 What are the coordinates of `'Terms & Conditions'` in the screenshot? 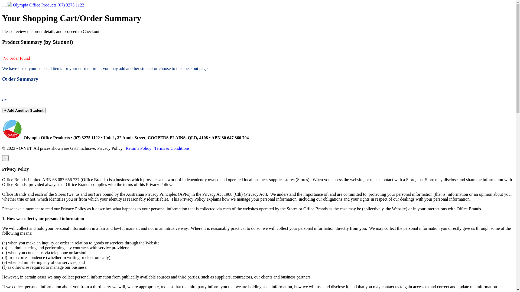 It's located at (154, 148).